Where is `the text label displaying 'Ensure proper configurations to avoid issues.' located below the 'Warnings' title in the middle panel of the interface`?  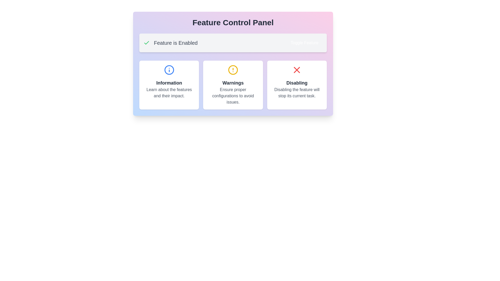 the text label displaying 'Ensure proper configurations to avoid issues.' located below the 'Warnings' title in the middle panel of the interface is located at coordinates (233, 96).